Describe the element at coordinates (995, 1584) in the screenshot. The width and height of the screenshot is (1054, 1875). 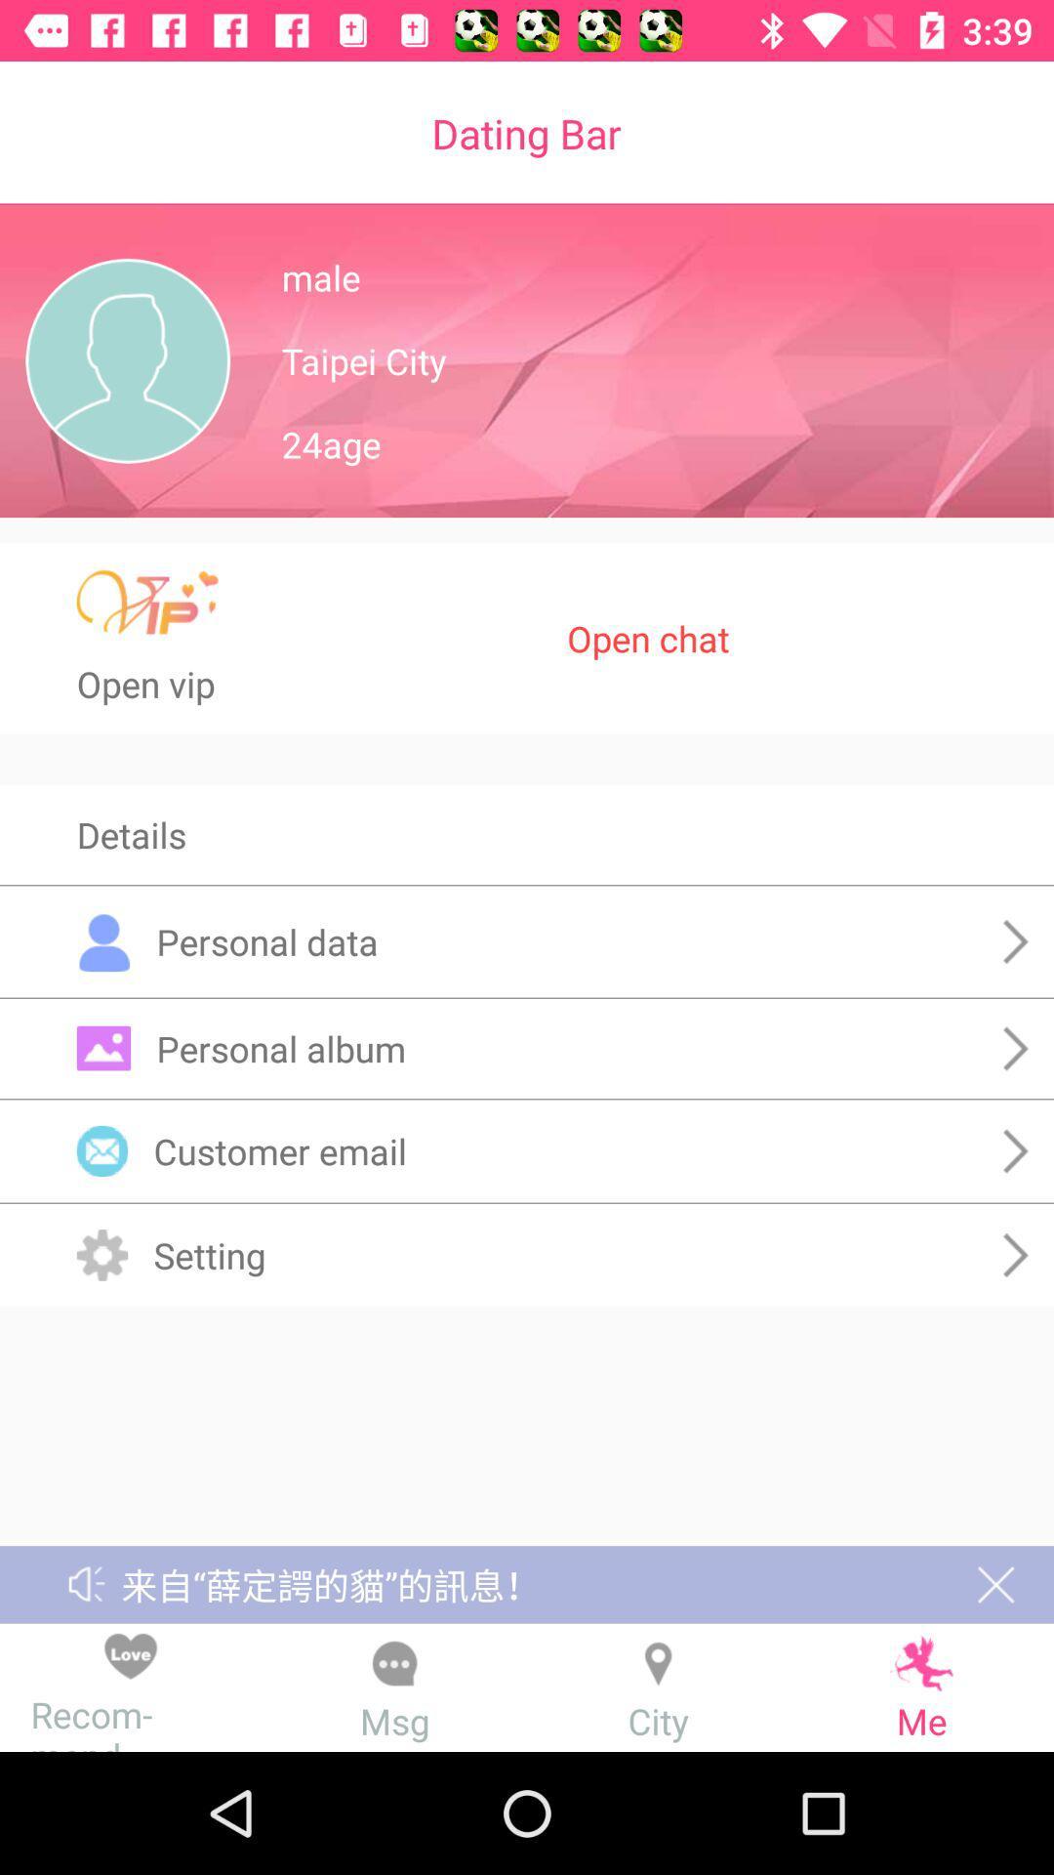
I see `the close icon` at that location.